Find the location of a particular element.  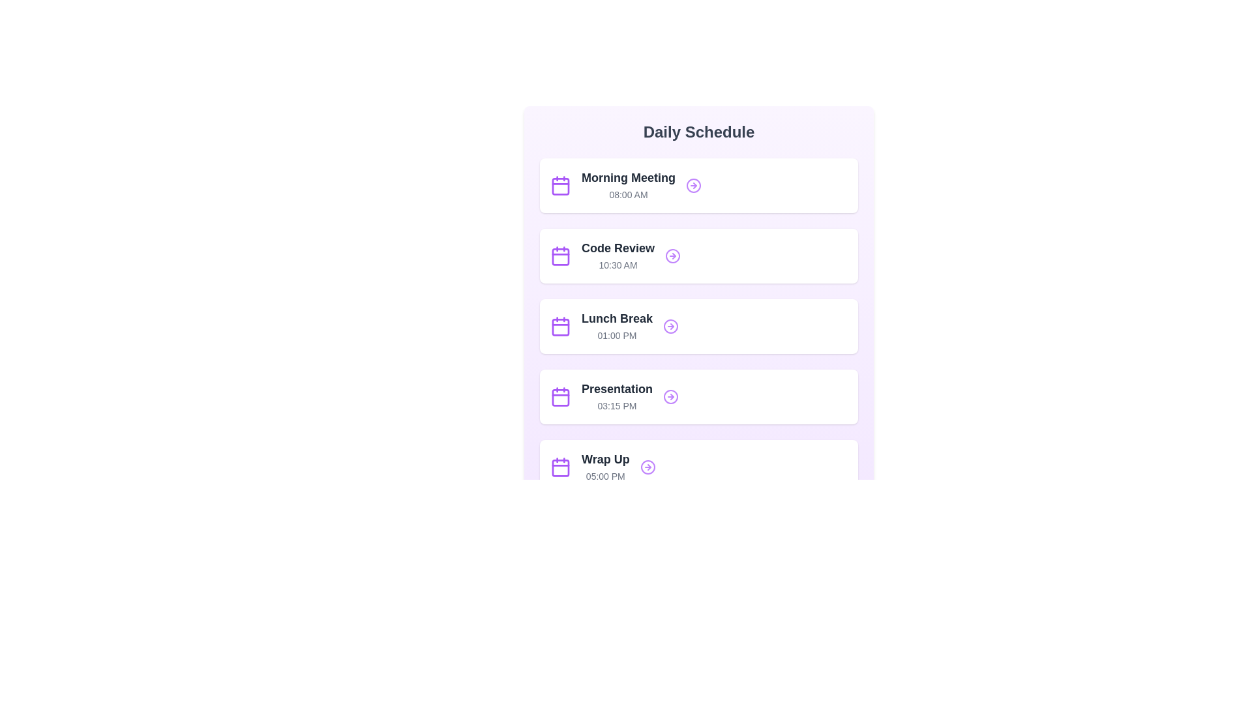

the decorative rectangular section with a light purple border and white background inside the calendar icon of the 'Presentation' entry, which is the fourth item in the vertical stack on the schedule interface is located at coordinates (560, 396).